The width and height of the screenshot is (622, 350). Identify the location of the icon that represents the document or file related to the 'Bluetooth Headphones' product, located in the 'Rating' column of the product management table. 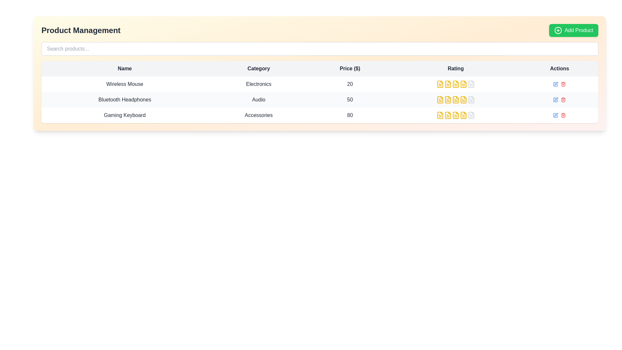
(471, 100).